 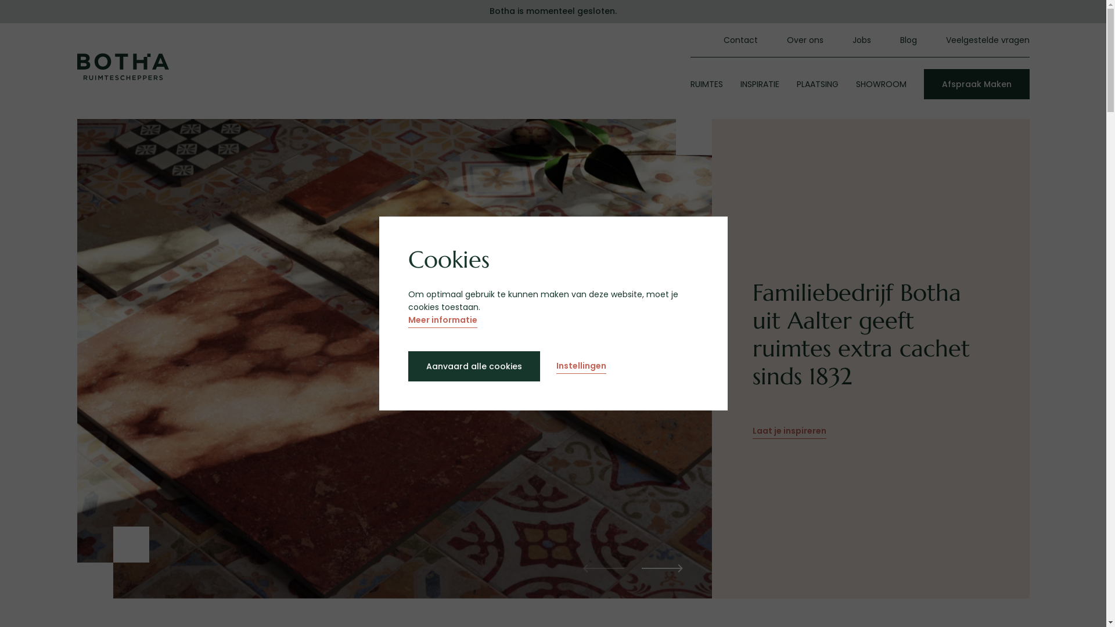 What do you see at coordinates (789, 432) in the screenshot?
I see `'Laat je inspireren'` at bounding box center [789, 432].